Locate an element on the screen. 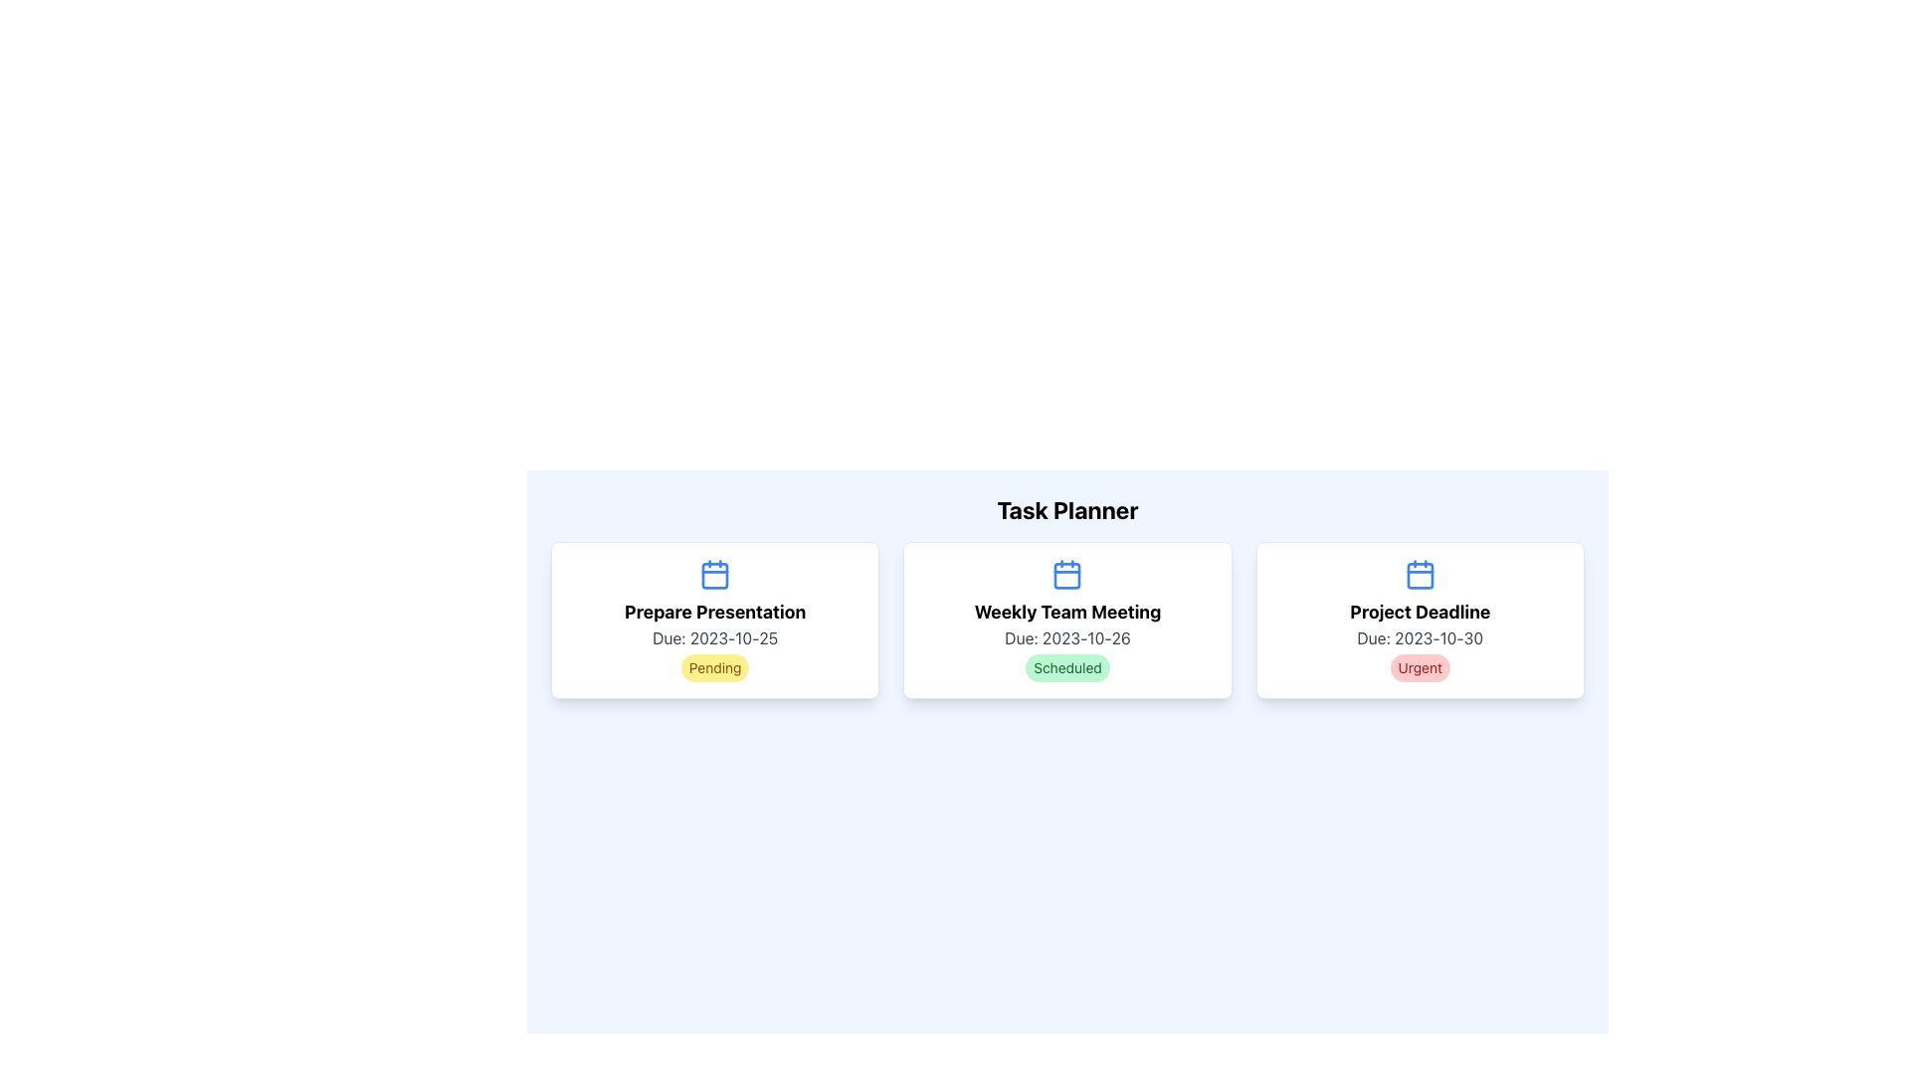 This screenshot has width=1910, height=1074. the blue outlined calendar icon located in the 'Task Planner' section, specifically the card labeled 'Project Deadline', positioned centrally at the top of the card above the text 'Project Deadline' is located at coordinates (1419, 575).